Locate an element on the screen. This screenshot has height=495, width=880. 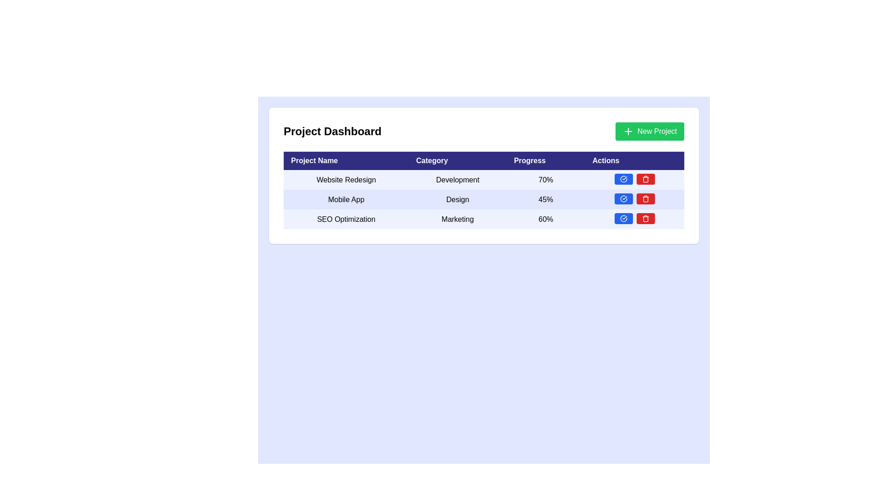
the delete button in the second row of the 'Actions' column for the 'Mobile App' project entry is located at coordinates (645, 180).